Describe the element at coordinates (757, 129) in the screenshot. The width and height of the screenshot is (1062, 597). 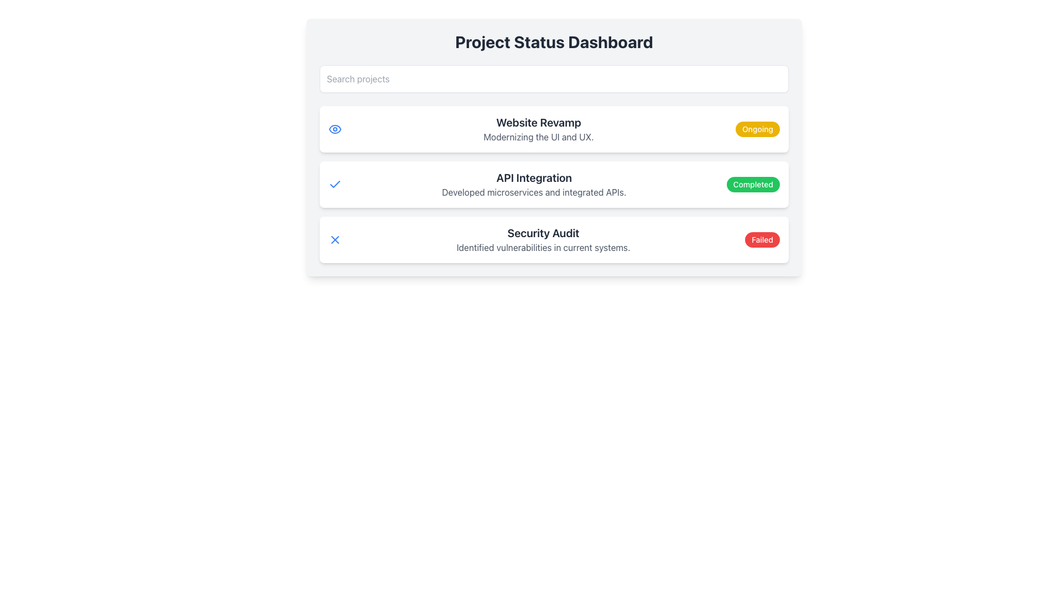
I see `the status label with a pill shape, yellow background, and white text displaying 'Ongoing' located at the far-right end of the 'Website Revamp' row in the 'Project Status Dashboard'` at that location.